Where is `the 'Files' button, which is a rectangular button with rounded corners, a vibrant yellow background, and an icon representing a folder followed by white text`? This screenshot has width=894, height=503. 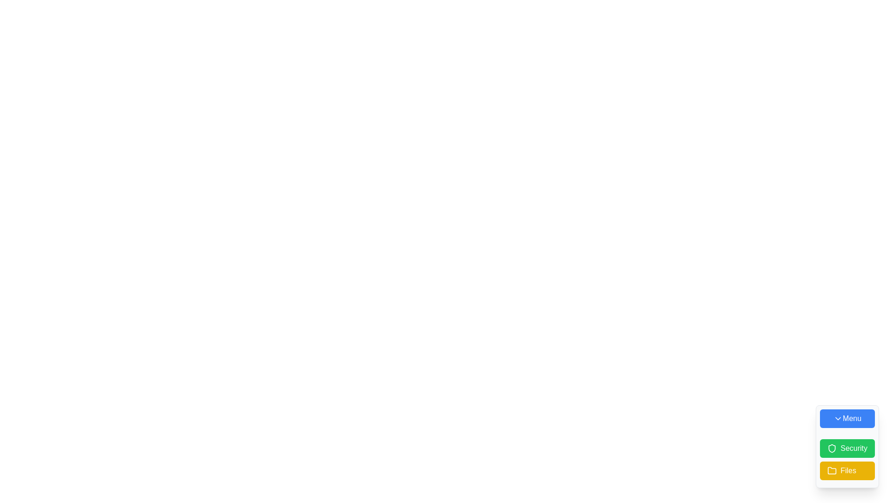 the 'Files' button, which is a rectangular button with rounded corners, a vibrant yellow background, and an icon representing a folder followed by white text is located at coordinates (847, 470).